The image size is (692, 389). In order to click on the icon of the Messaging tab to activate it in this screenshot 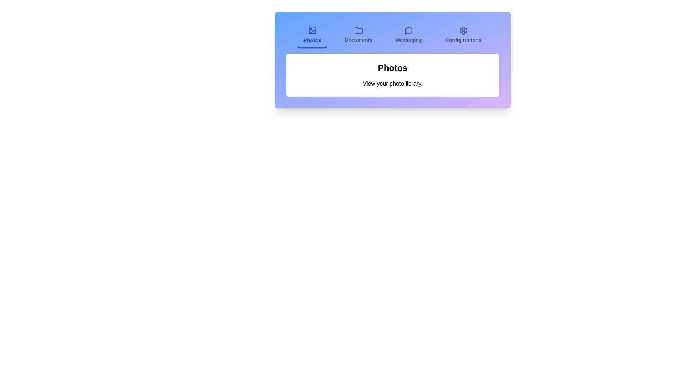, I will do `click(408, 30)`.